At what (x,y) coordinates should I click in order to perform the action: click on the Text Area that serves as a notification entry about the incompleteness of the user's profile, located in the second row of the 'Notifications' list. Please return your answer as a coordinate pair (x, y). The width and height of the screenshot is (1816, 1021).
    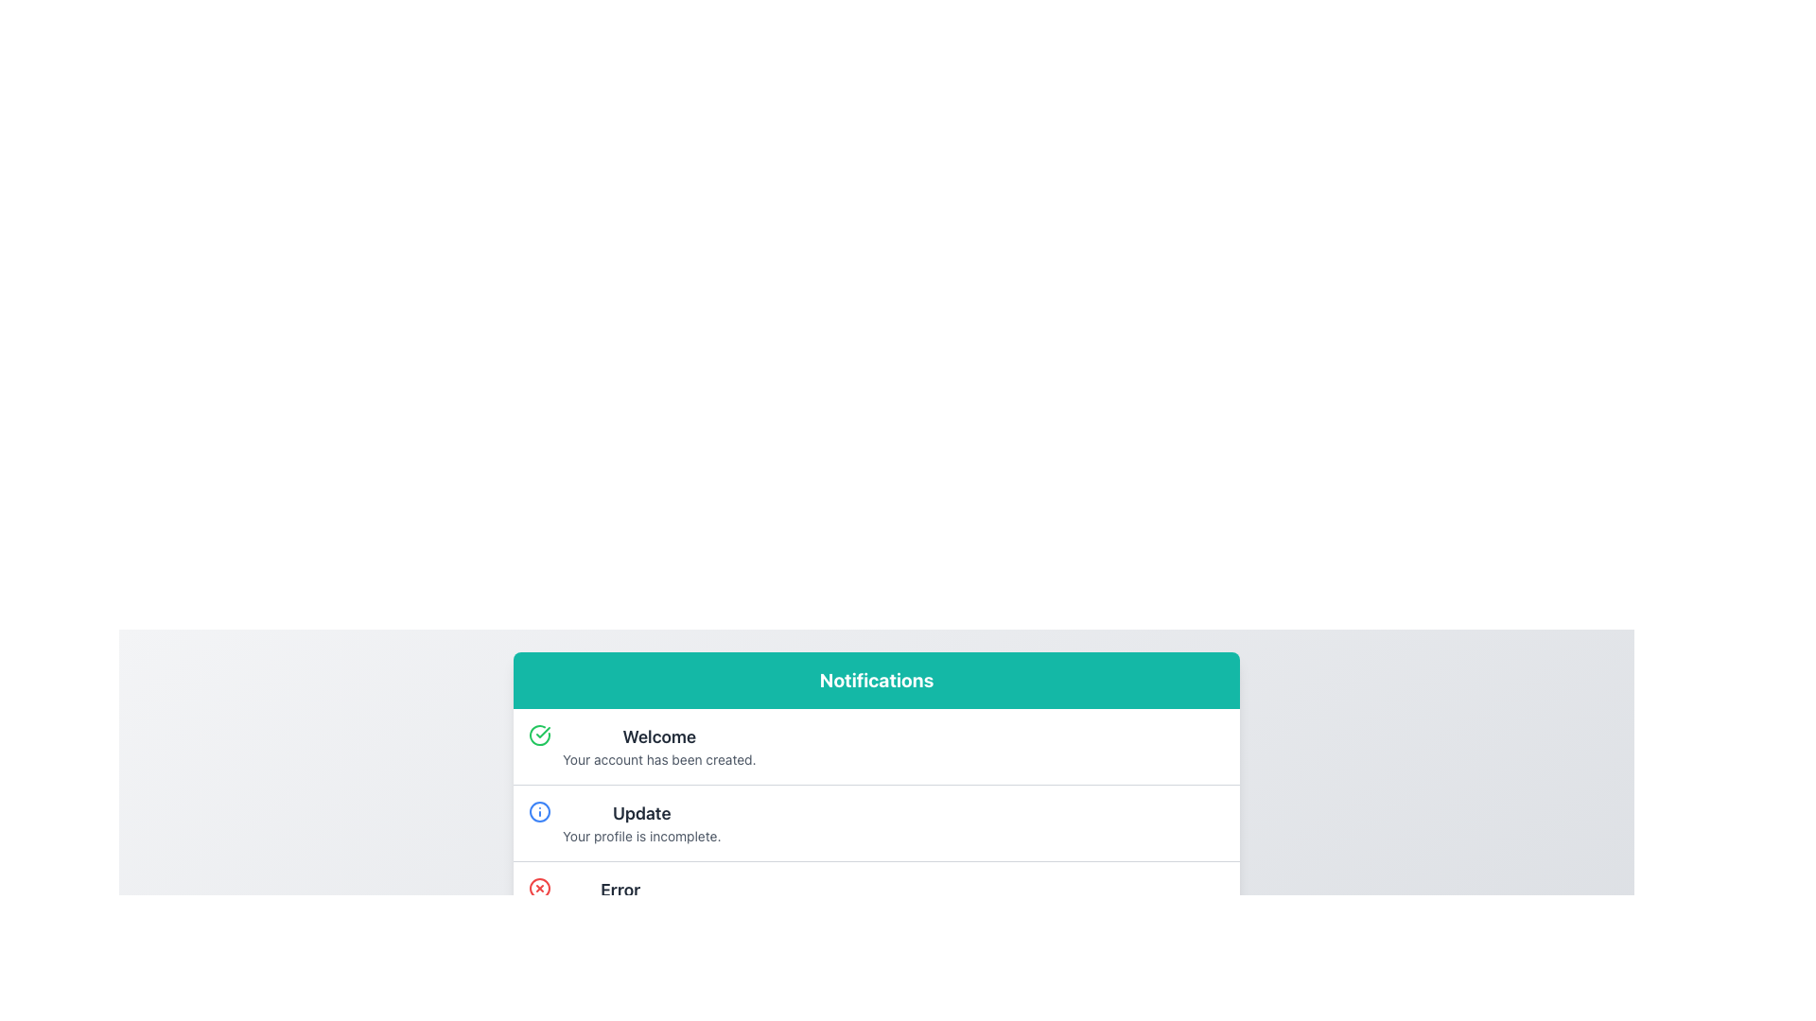
    Looking at the image, I should click on (641, 822).